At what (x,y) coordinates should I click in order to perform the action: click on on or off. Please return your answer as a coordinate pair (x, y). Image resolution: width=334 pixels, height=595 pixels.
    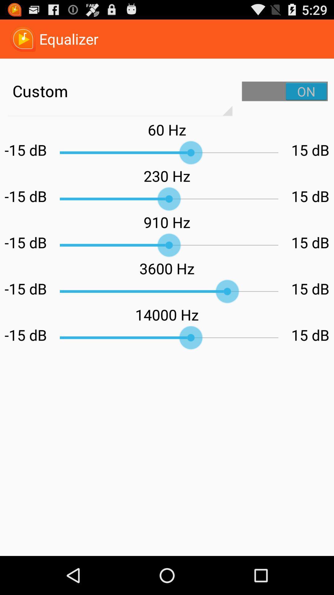
    Looking at the image, I should click on (285, 91).